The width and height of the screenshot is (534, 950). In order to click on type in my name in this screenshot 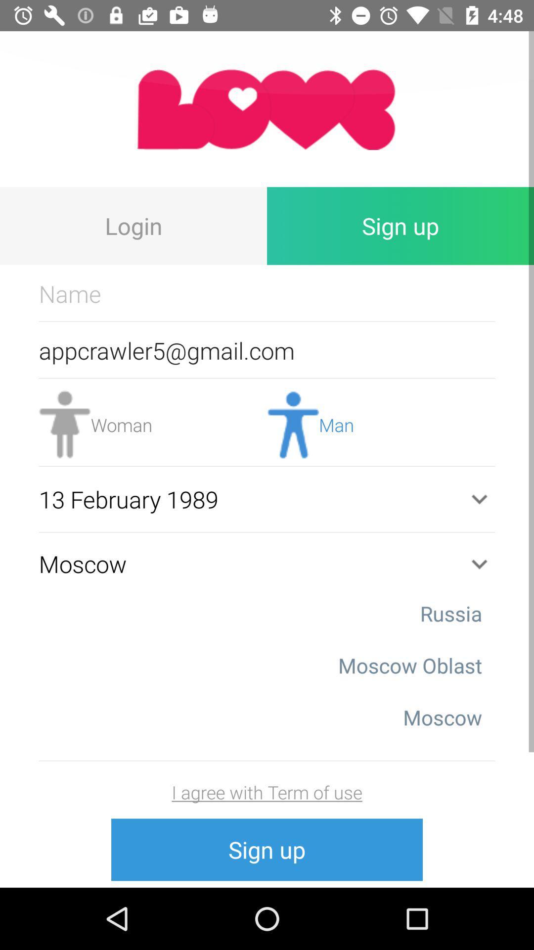, I will do `click(267, 293)`.